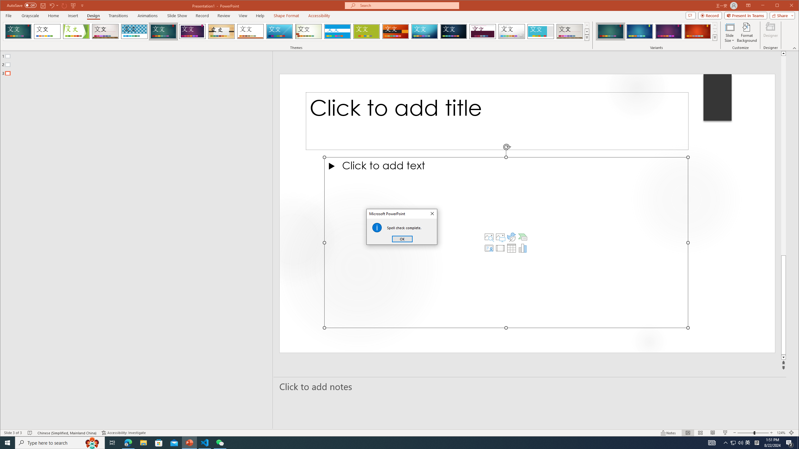 This screenshot has width=799, height=449. What do you see at coordinates (47, 31) in the screenshot?
I see `'Office Theme'` at bounding box center [47, 31].